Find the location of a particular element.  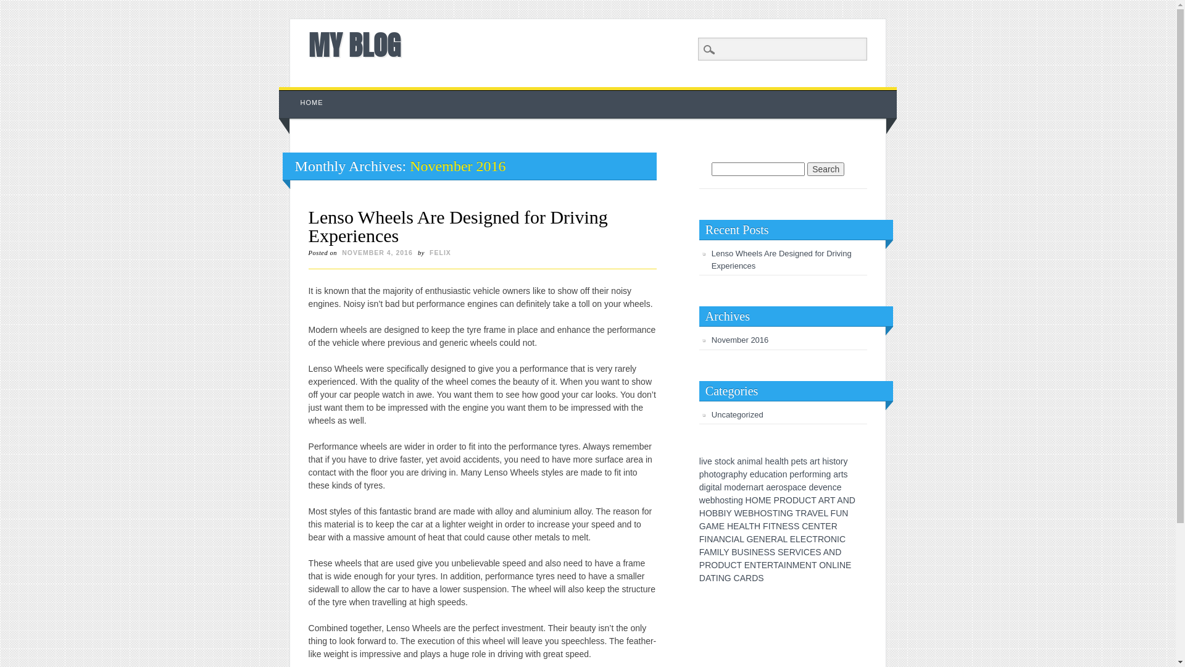

'r' is located at coordinates (776, 487).